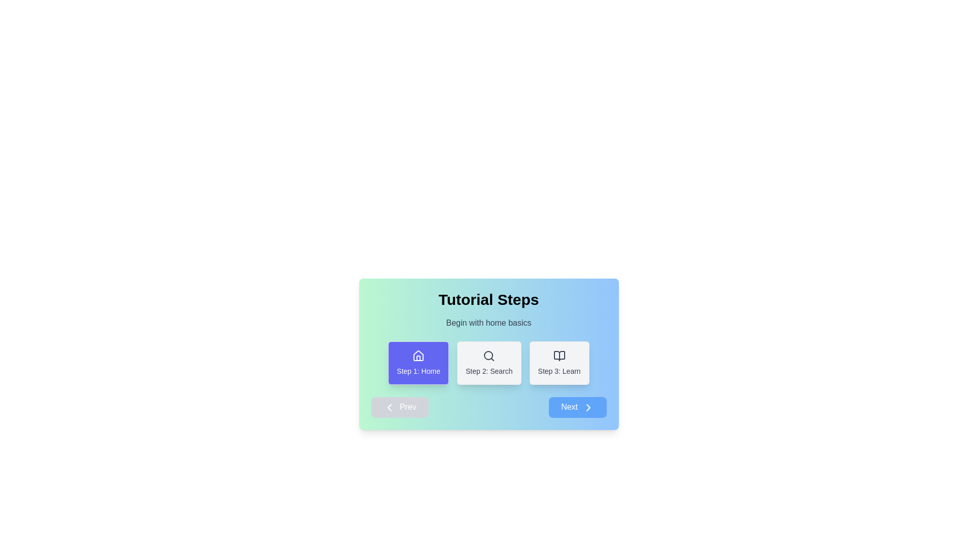  Describe the element at coordinates (419, 363) in the screenshot. I see `the tutorial step 1 to view its details` at that location.